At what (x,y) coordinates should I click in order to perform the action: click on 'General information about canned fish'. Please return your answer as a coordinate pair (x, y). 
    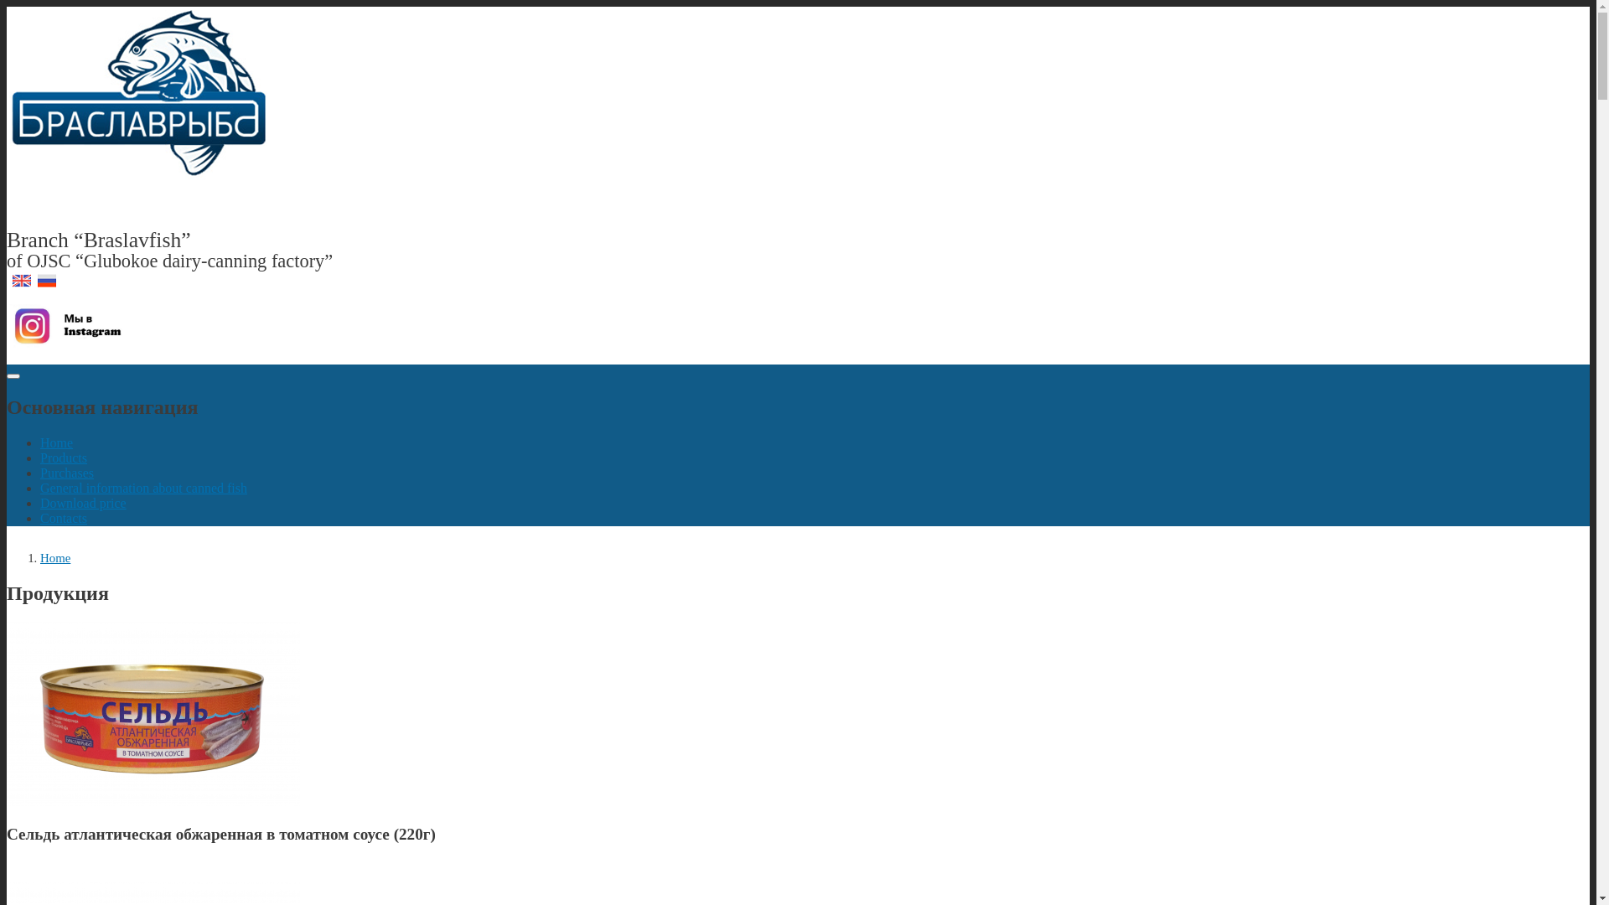
    Looking at the image, I should click on (143, 488).